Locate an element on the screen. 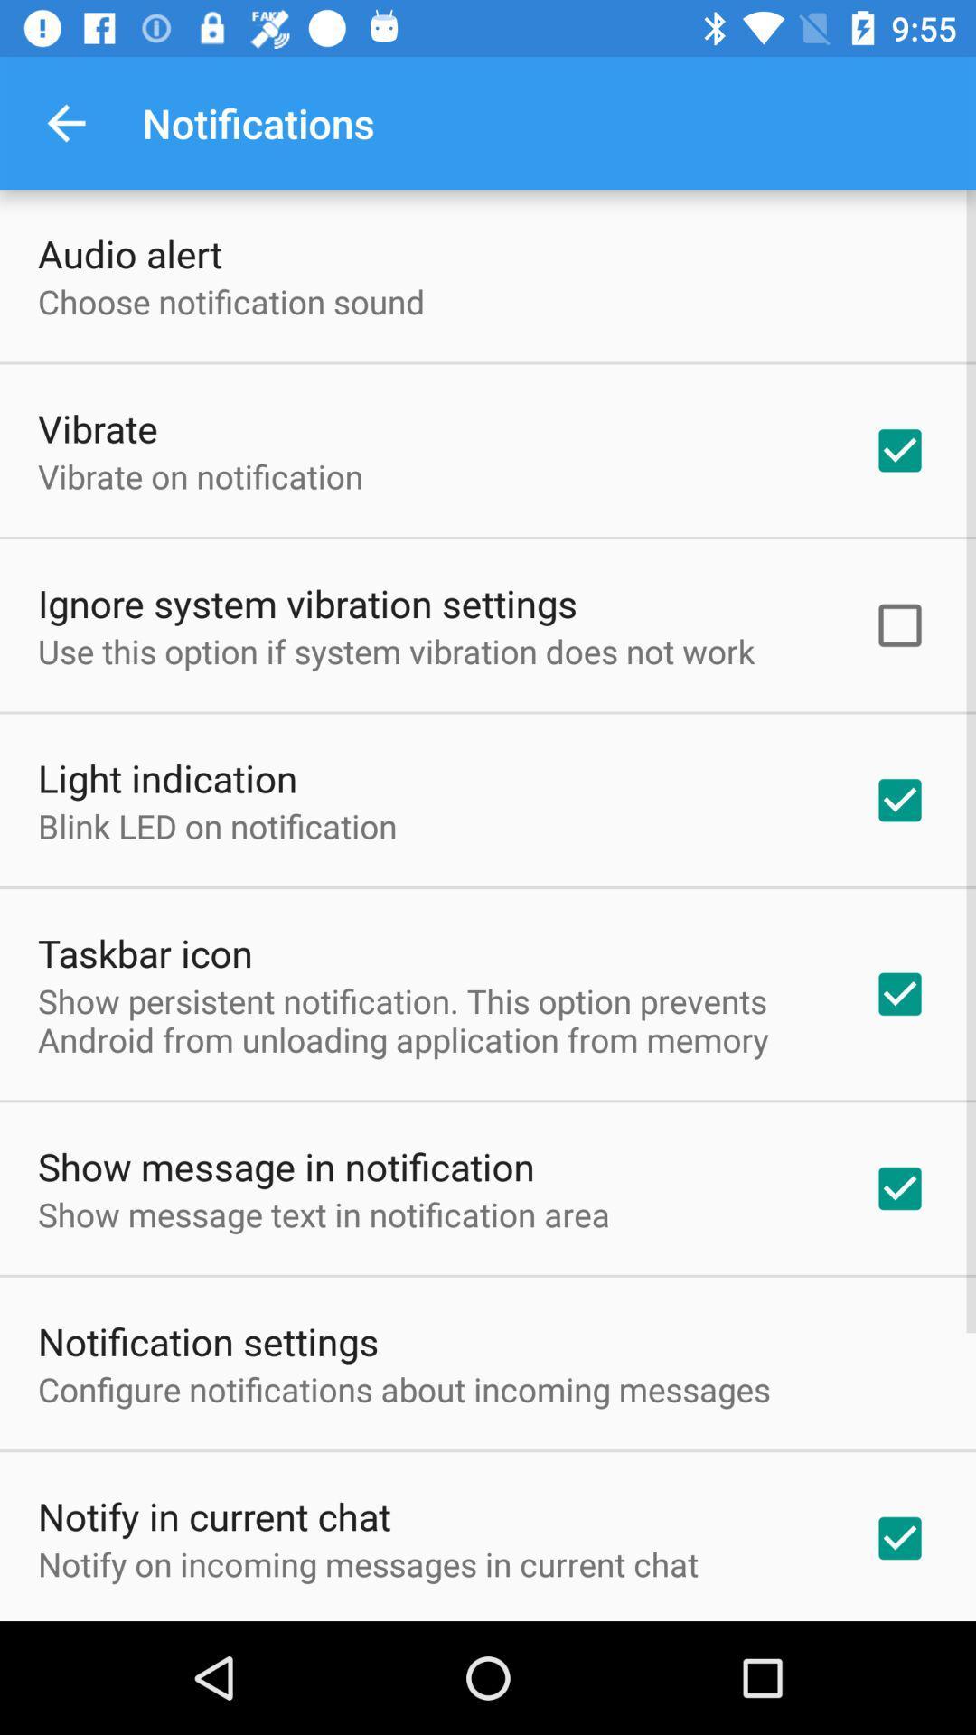  app to the left of notifications is located at coordinates (65, 122).